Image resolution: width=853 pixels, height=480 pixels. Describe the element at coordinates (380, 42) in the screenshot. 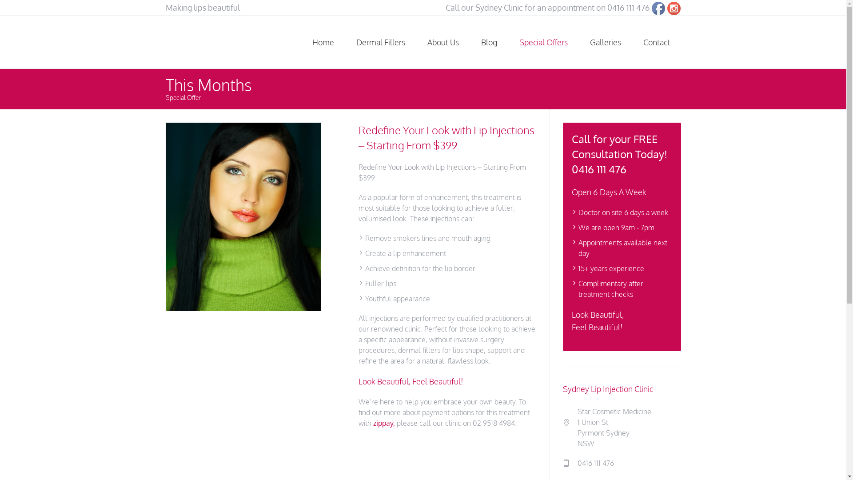

I see `'Dermal Fillers'` at that location.